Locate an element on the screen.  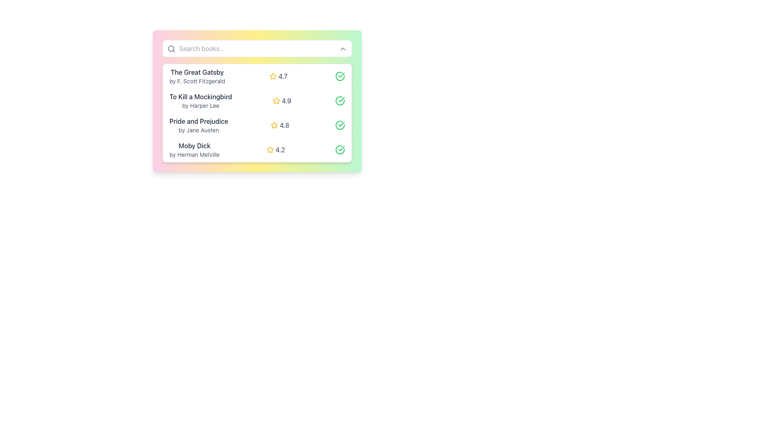
the yellow star-shaped icon indicating the rating for 'The Great Gatsby', positioned to the left of the text '4.7' is located at coordinates (273, 76).